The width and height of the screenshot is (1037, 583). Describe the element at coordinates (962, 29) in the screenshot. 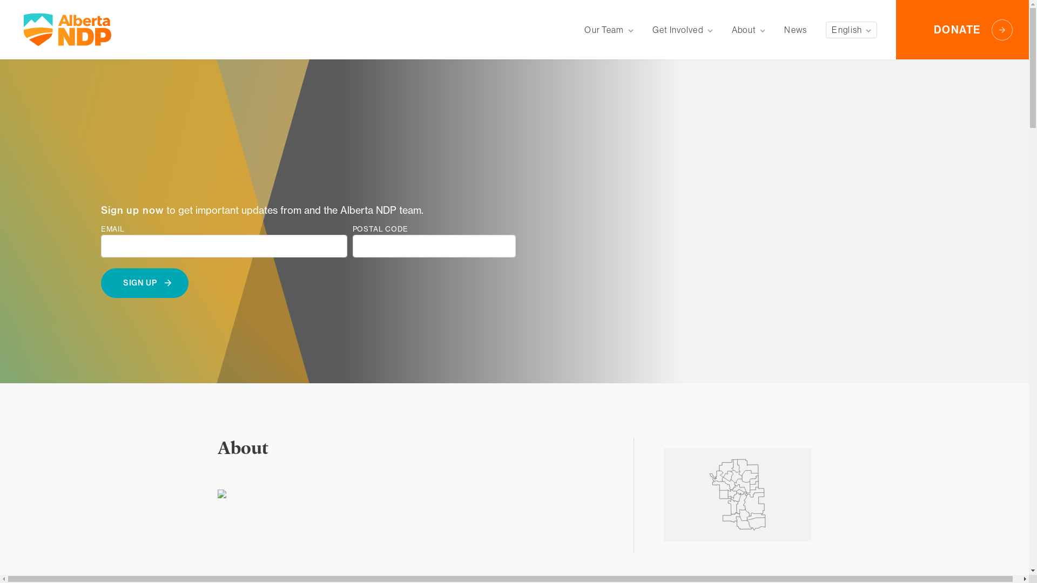

I see `'DONATE'` at that location.